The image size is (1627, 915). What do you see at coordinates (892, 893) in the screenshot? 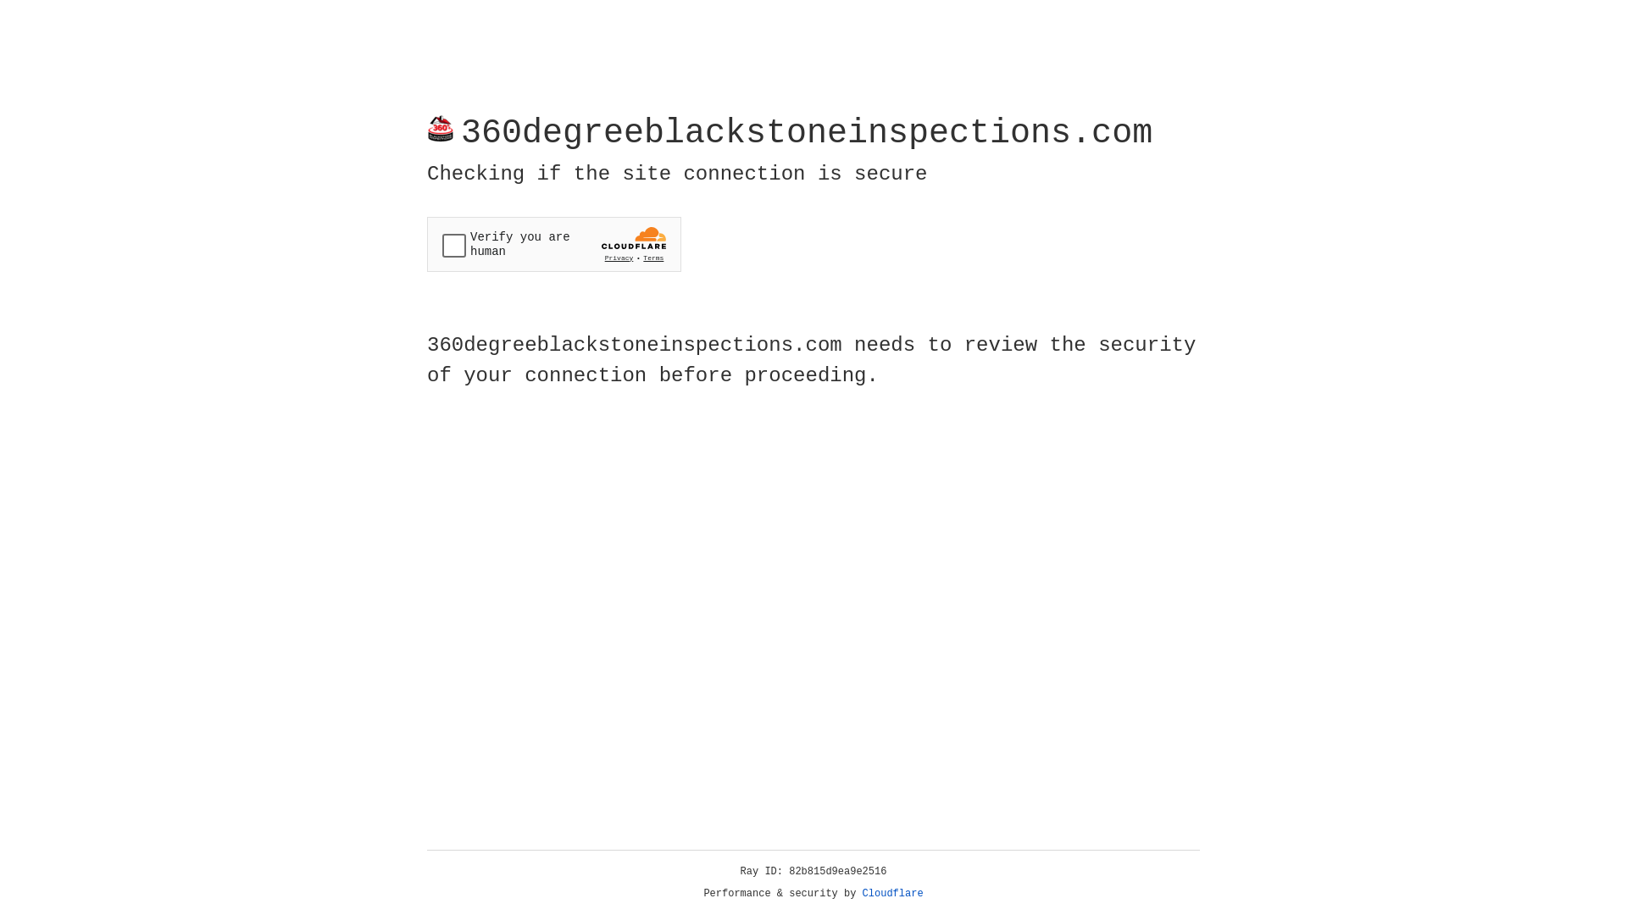
I see `'Cloudflare'` at bounding box center [892, 893].